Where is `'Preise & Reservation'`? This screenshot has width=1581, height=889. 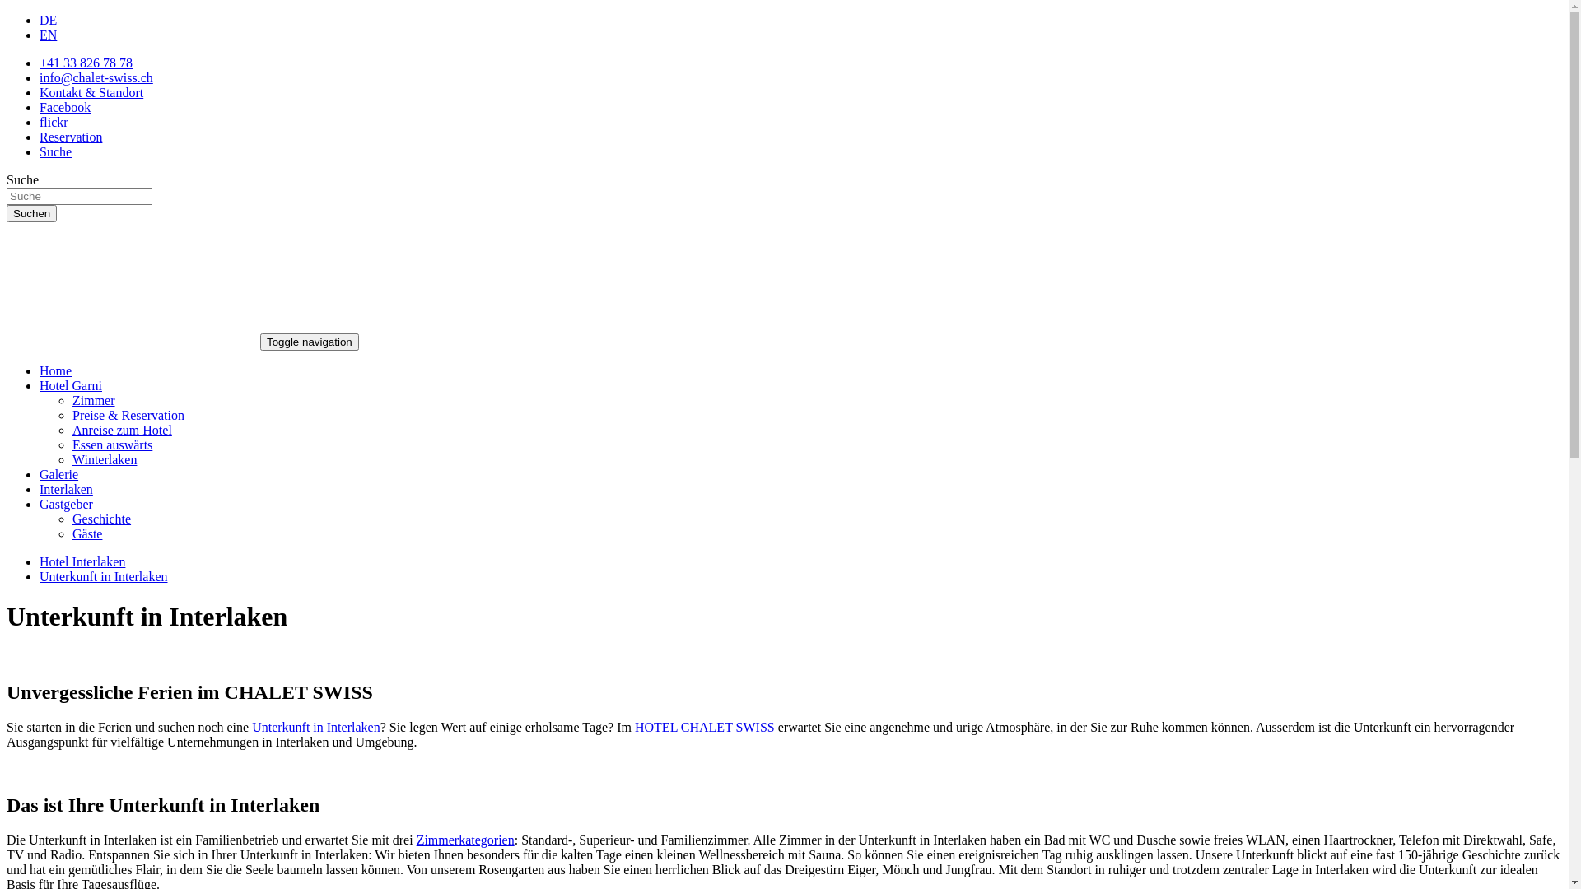 'Preise & Reservation' is located at coordinates (128, 414).